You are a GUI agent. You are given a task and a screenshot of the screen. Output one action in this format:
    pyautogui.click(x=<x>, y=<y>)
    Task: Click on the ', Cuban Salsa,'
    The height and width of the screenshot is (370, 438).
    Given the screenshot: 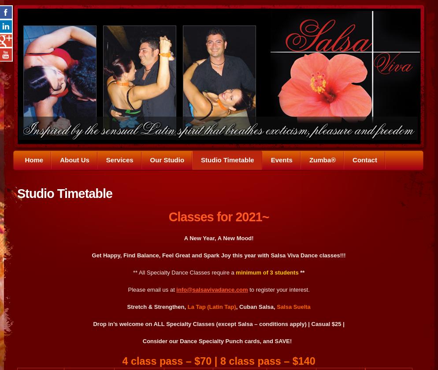 What is the action you would take?
    pyautogui.click(x=255, y=306)
    